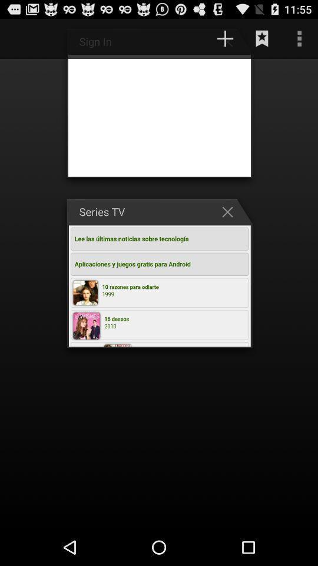 The image size is (318, 566). Describe the element at coordinates (175, 38) in the screenshot. I see `app above the series tv item` at that location.